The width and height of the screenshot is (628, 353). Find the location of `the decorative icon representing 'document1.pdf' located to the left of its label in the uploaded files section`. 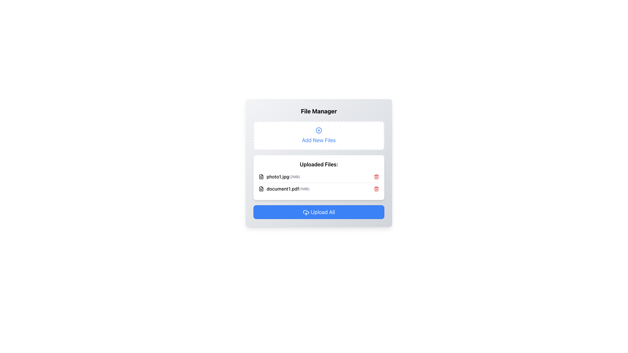

the decorative icon representing 'document1.pdf' located to the left of its label in the uploaded files section is located at coordinates (261, 189).